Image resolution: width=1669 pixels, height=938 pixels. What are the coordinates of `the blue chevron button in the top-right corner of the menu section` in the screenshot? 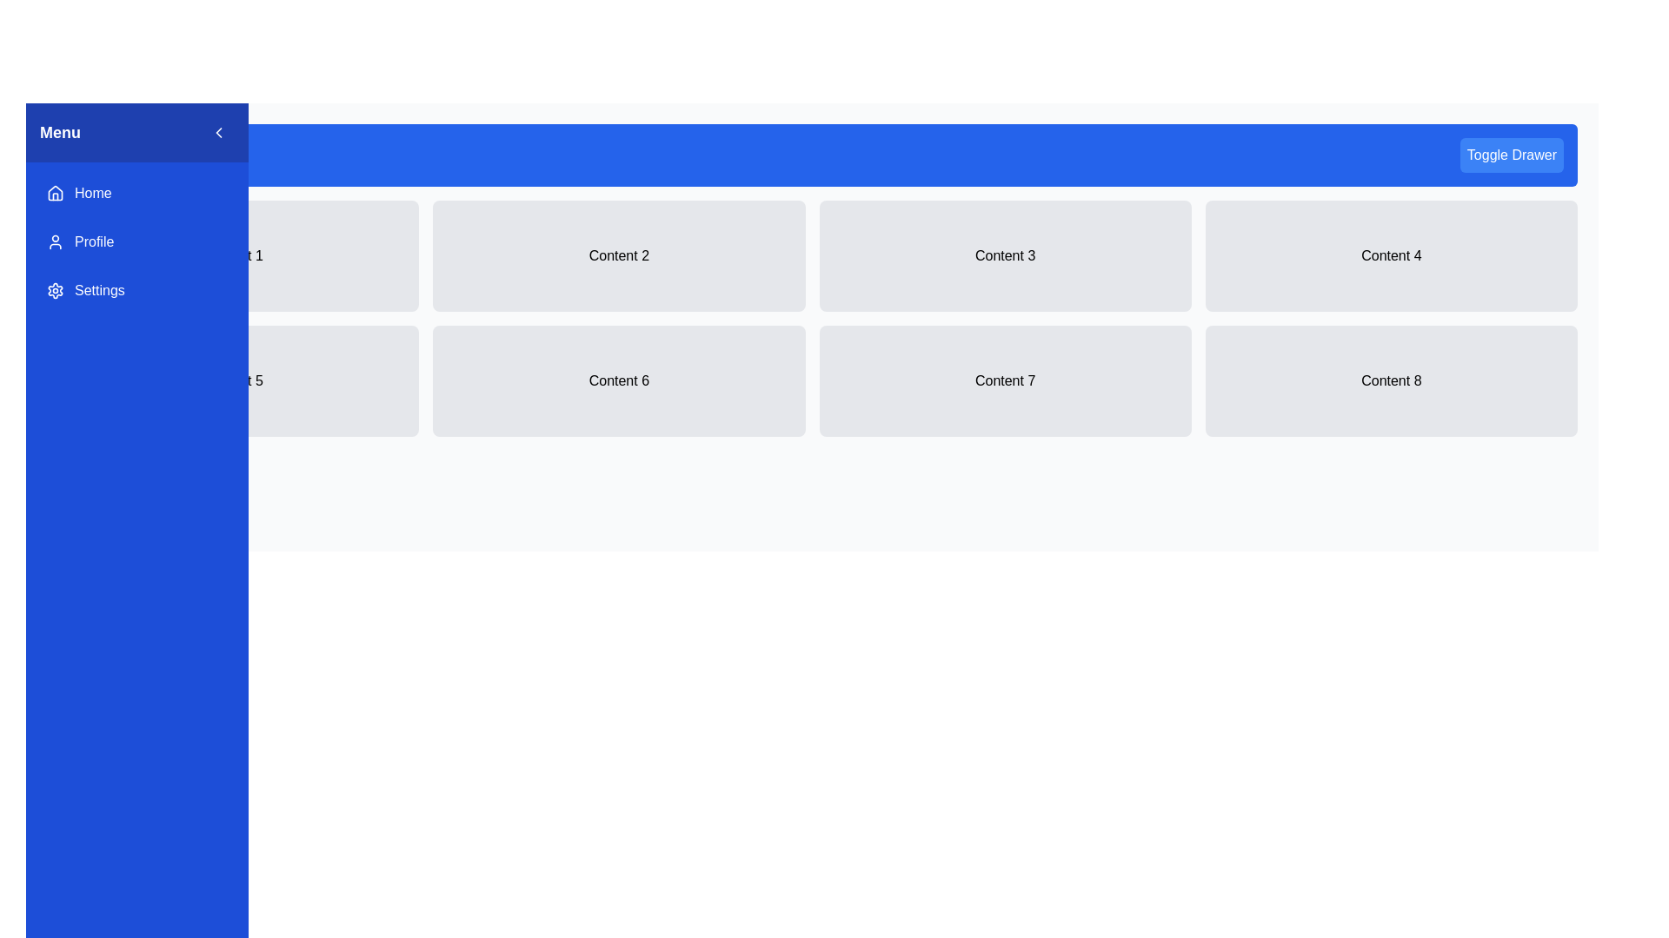 It's located at (218, 132).